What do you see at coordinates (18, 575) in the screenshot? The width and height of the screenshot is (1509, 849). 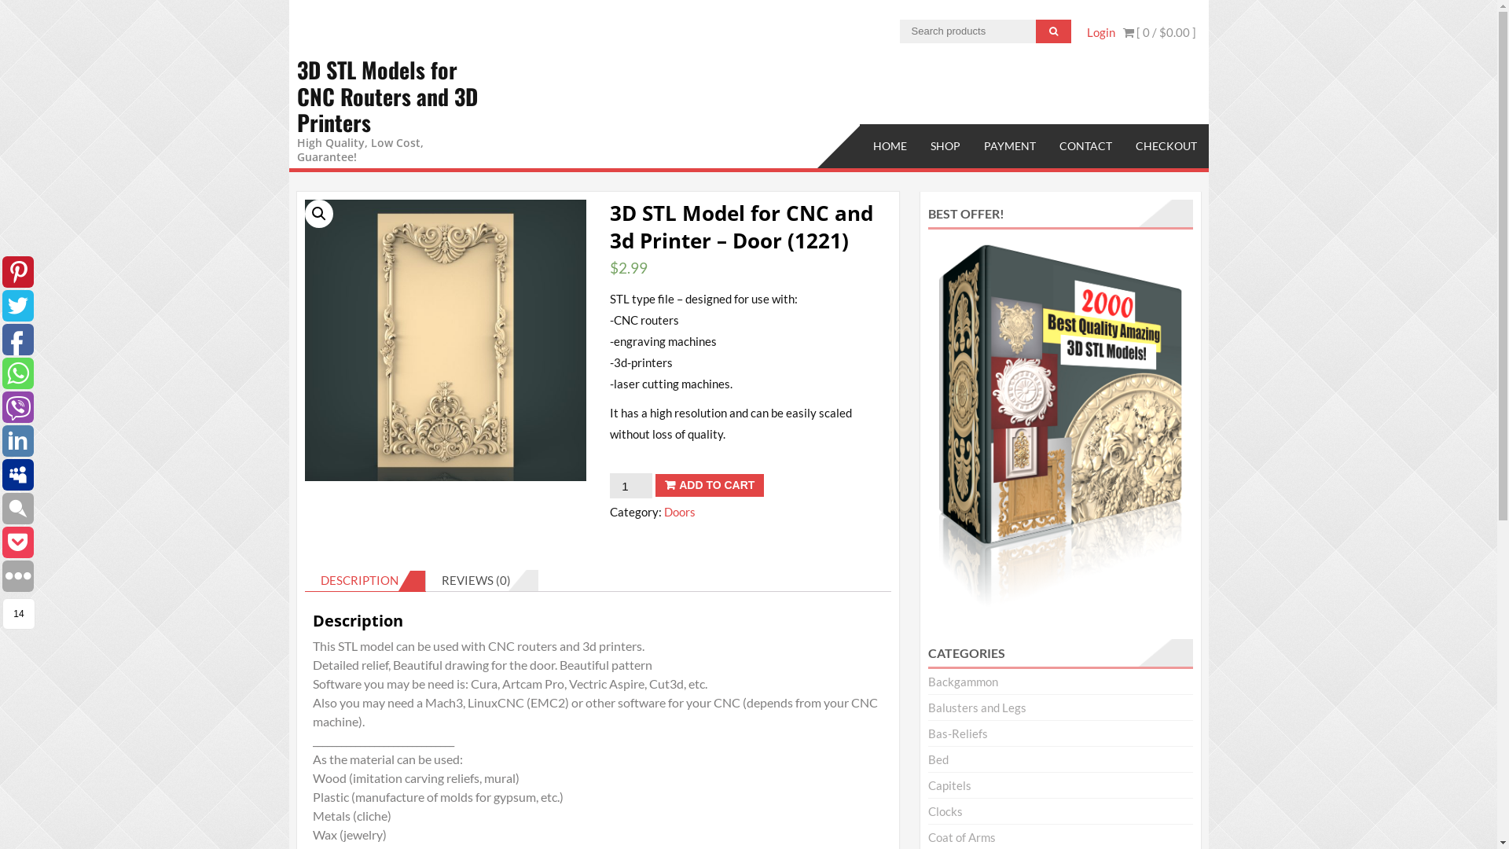 I see `'Even more social networks!'` at bounding box center [18, 575].